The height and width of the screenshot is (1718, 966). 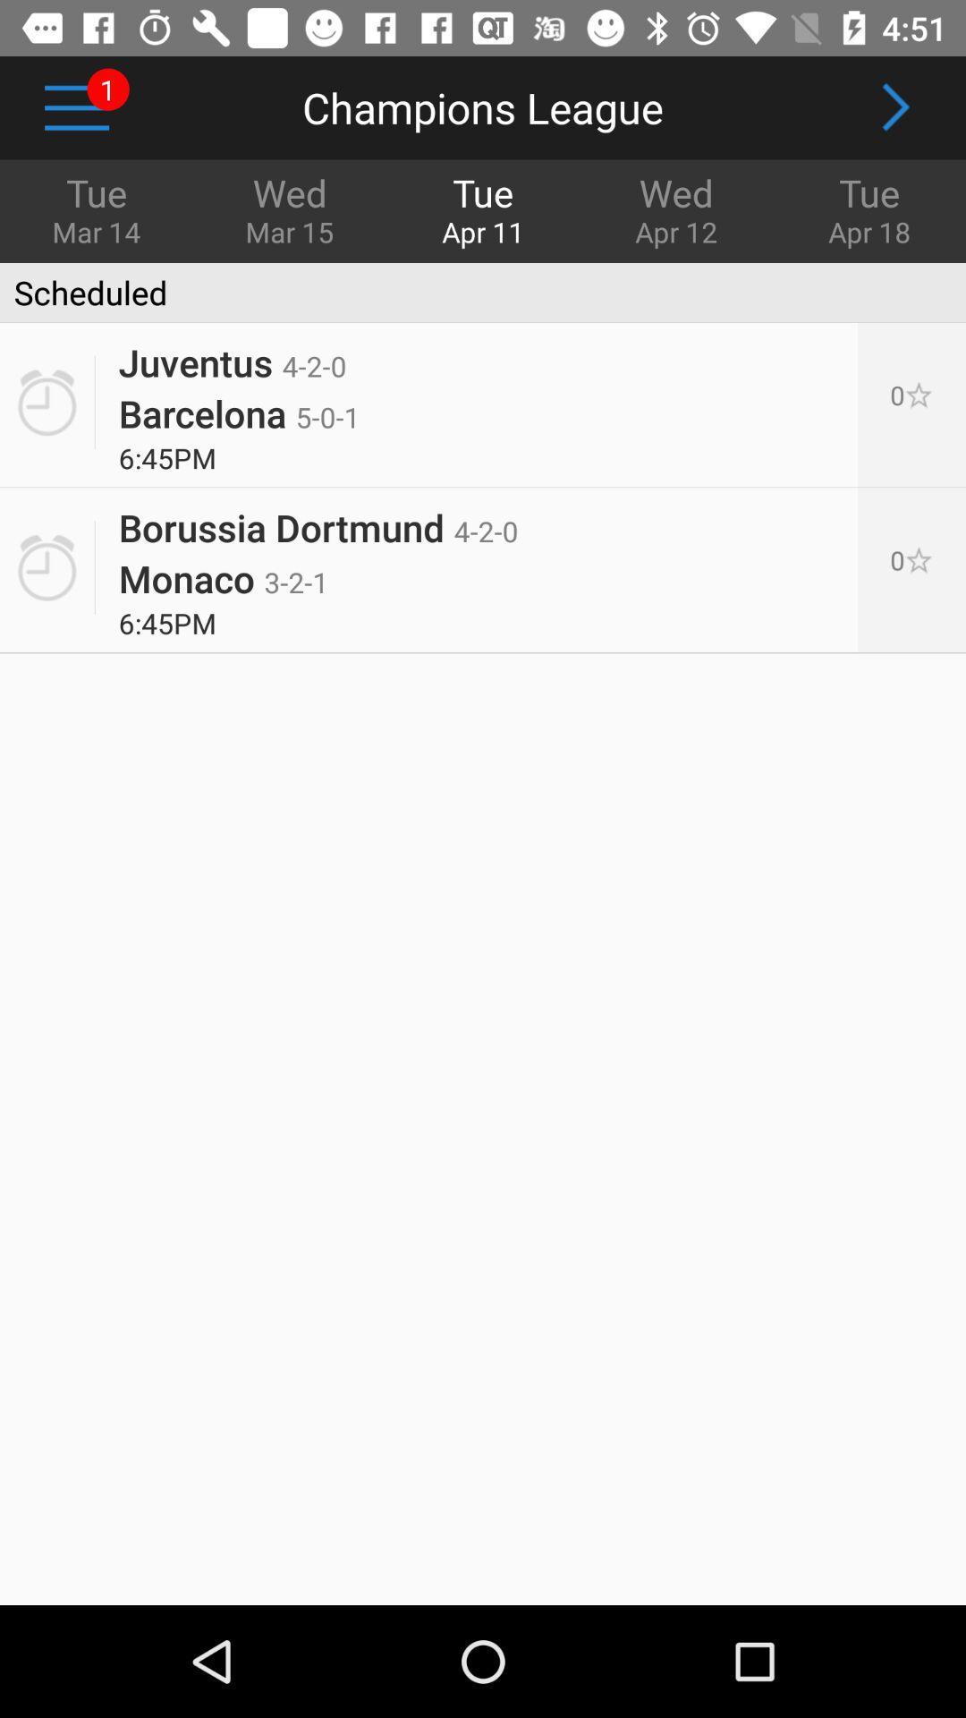 What do you see at coordinates (318, 519) in the screenshot?
I see `item to the left of 0[p] item` at bounding box center [318, 519].